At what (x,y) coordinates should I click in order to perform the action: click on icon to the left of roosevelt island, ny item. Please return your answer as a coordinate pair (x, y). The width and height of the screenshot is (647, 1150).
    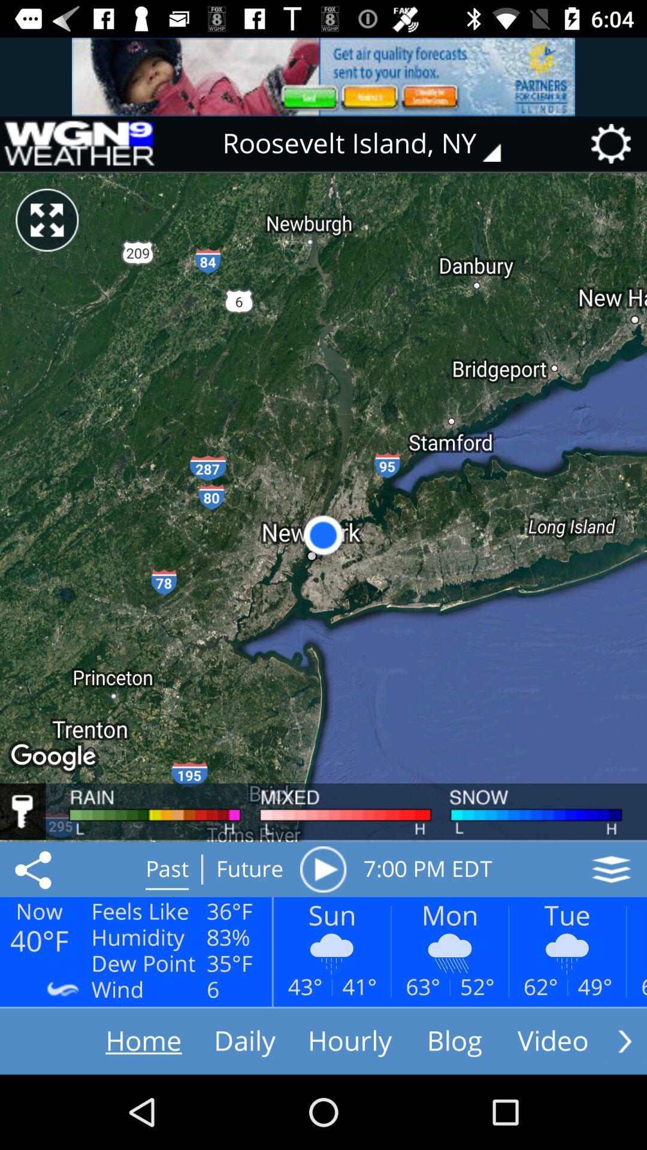
    Looking at the image, I should click on (78, 144).